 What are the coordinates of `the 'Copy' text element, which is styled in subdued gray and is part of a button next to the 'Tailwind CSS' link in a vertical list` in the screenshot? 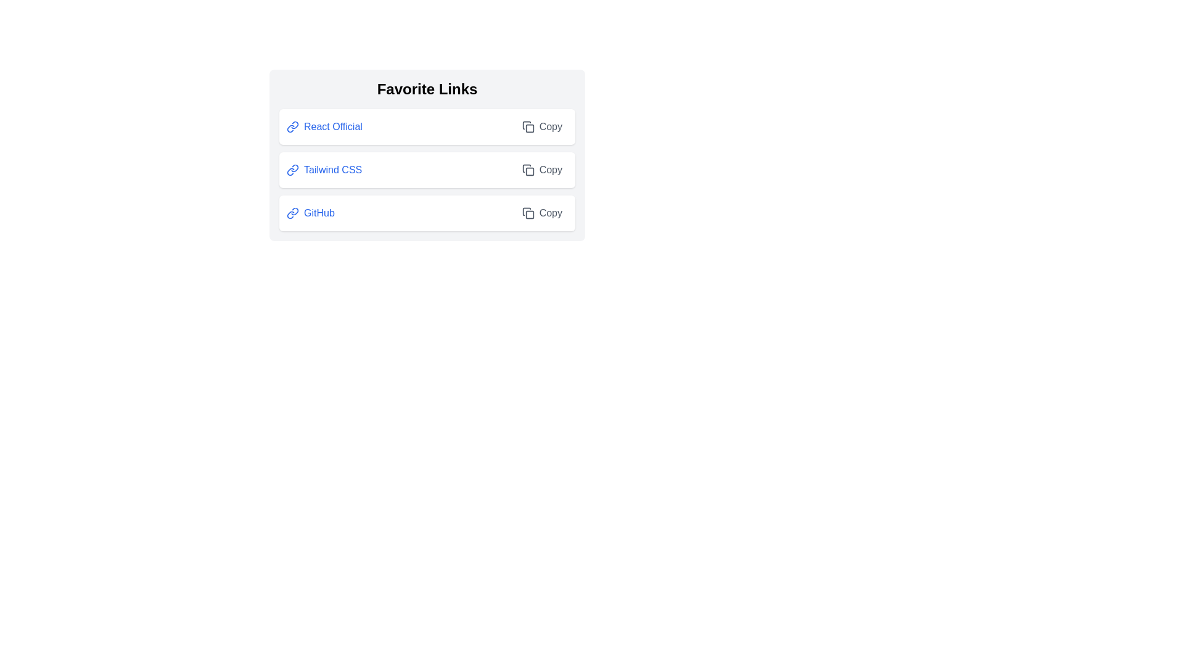 It's located at (550, 170).